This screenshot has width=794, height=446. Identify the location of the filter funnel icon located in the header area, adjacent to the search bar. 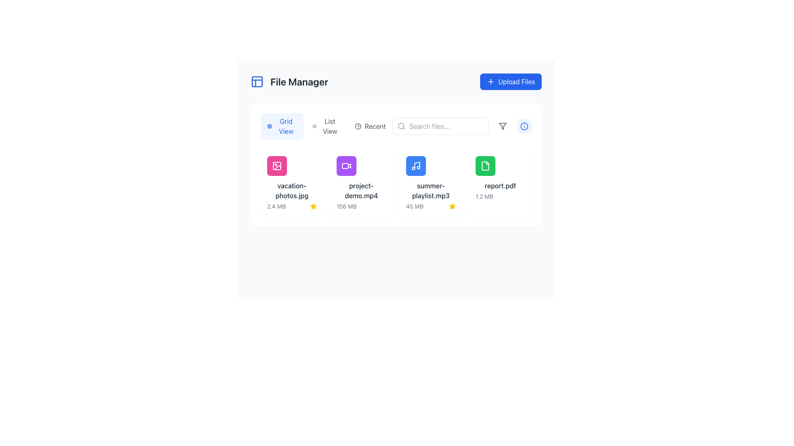
(502, 126).